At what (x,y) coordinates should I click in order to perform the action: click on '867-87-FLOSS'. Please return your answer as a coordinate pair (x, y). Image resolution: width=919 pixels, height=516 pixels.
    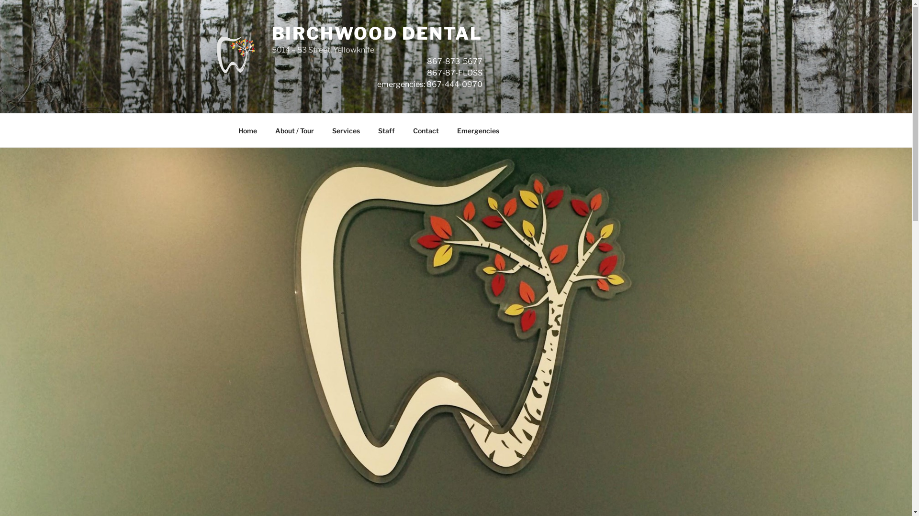
    Looking at the image, I should click on (454, 72).